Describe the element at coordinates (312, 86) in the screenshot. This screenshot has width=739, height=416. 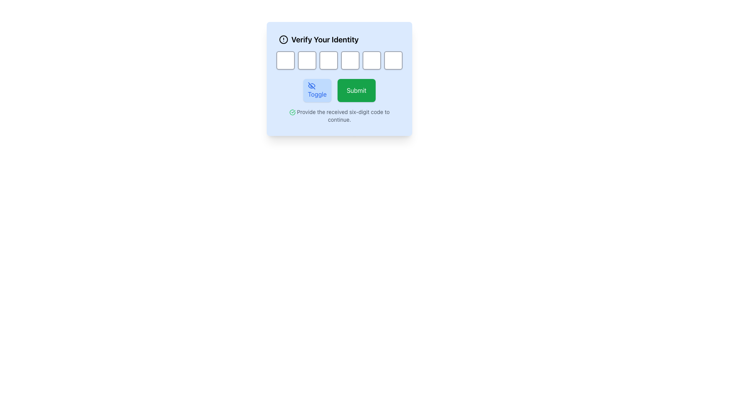
I see `the leftmost icon within the rounded button labeled 'Toggle', which functions as a visibility toggle for sensitive input data` at that location.